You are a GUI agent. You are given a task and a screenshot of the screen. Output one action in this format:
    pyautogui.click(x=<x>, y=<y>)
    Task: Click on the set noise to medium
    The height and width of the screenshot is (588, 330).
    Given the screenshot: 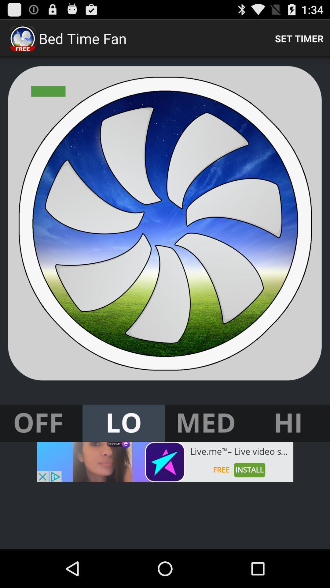 What is the action you would take?
    pyautogui.click(x=206, y=423)
    